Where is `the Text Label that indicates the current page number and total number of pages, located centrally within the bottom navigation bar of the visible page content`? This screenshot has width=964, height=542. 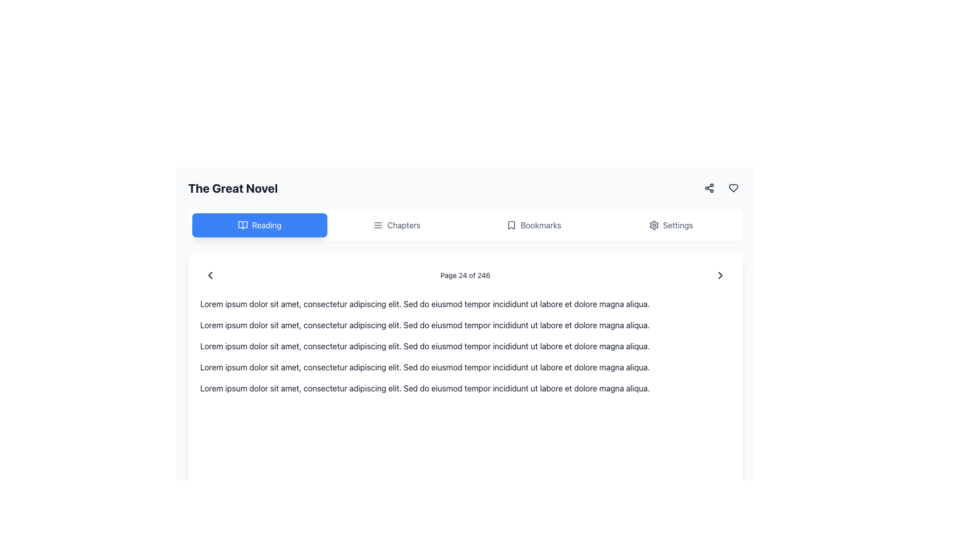 the Text Label that indicates the current page number and total number of pages, located centrally within the bottom navigation bar of the visible page content is located at coordinates (464, 275).